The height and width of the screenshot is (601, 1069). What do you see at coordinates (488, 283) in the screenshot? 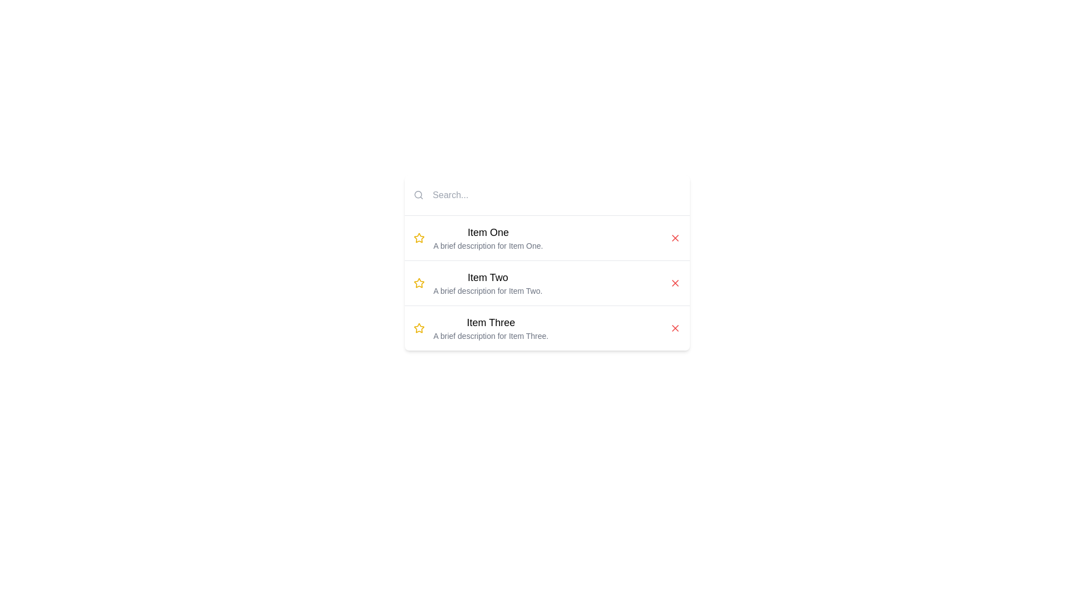
I see `the second item` at bounding box center [488, 283].